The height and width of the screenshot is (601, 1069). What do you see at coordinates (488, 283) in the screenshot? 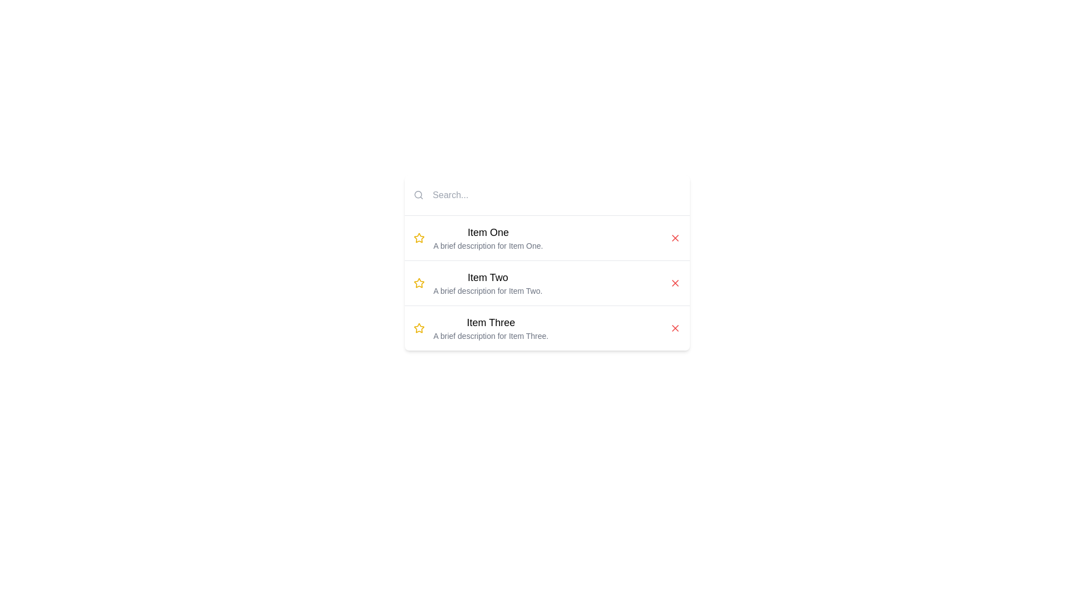
I see `the second item` at bounding box center [488, 283].